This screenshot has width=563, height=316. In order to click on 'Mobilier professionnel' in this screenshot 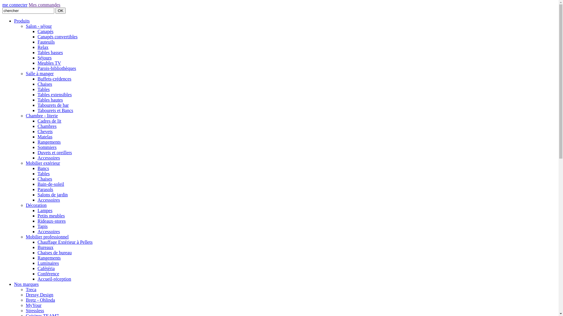, I will do `click(47, 236)`.